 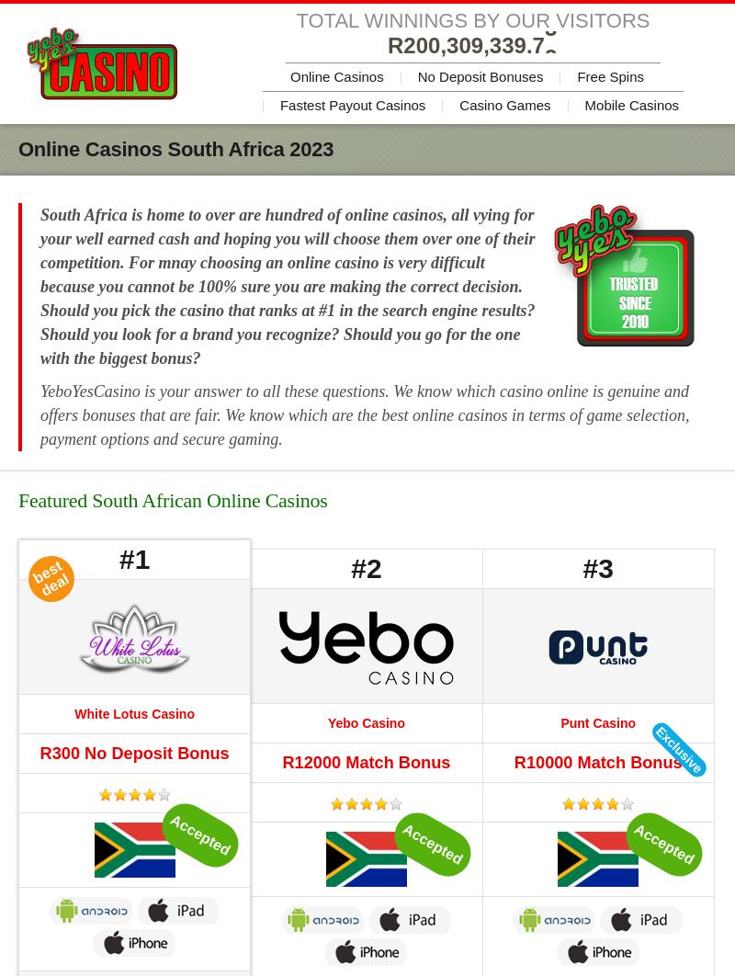 What do you see at coordinates (364, 414) in the screenshot?
I see `'YeboYesCasino is your answer to all these questions. We know which casino online is genuine and offers bonuses that are fair. We know which are the best online casinos in terms of game selection, payment options and secure gaming.'` at bounding box center [364, 414].